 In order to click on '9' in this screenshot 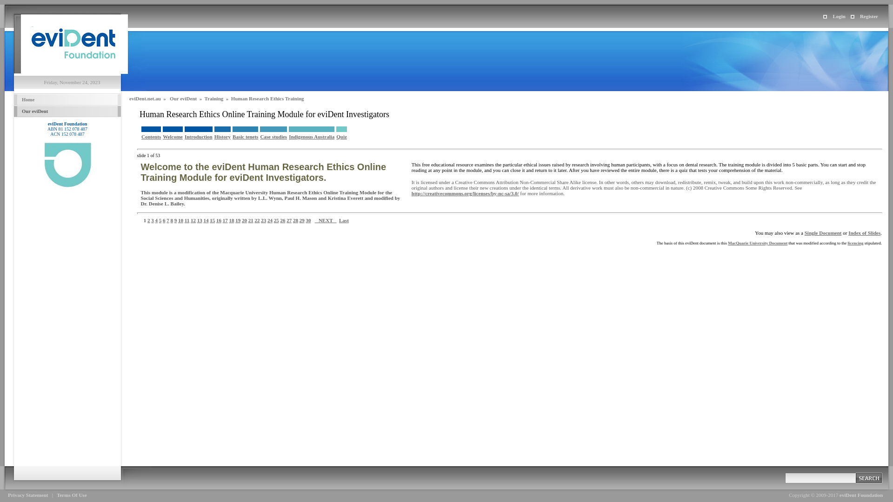, I will do `click(176, 220)`.